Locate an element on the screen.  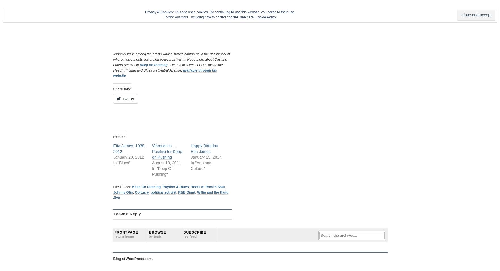
'Return home' is located at coordinates (124, 236).